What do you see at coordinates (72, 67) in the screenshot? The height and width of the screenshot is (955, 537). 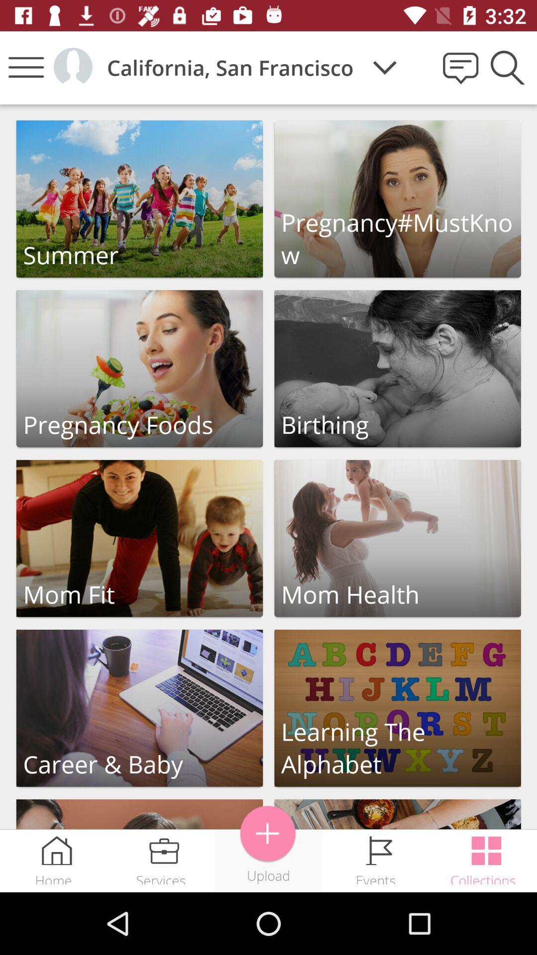 I see `item to the left of california, san francisco item` at bounding box center [72, 67].